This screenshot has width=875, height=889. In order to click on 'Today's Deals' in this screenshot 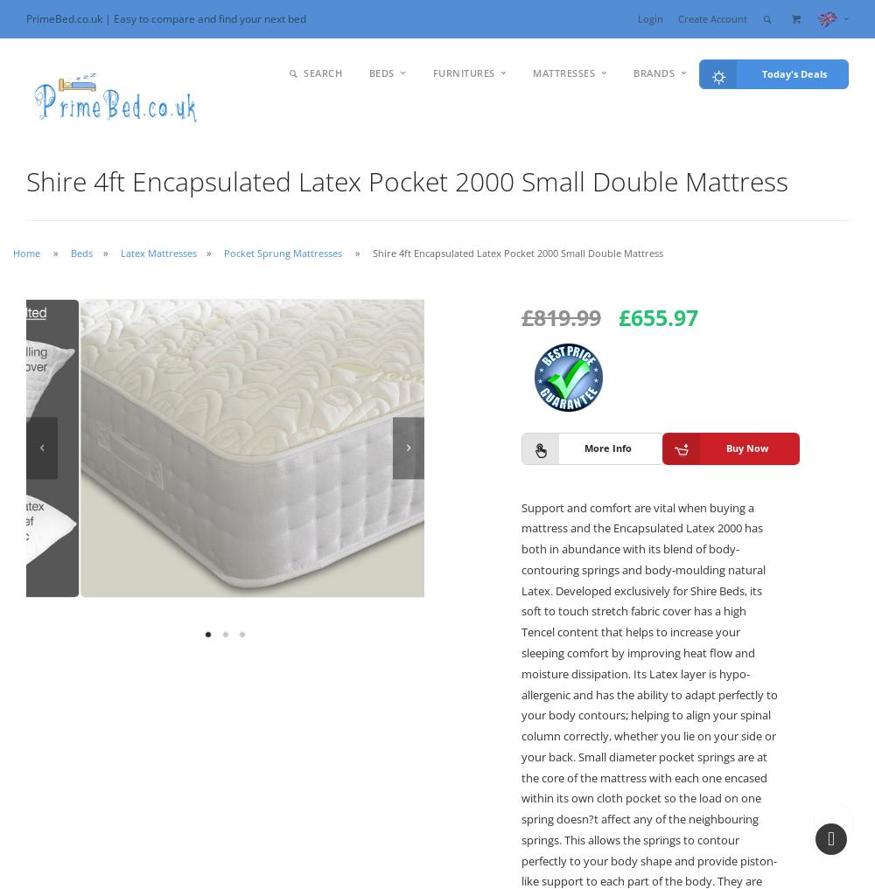, I will do `click(761, 73)`.